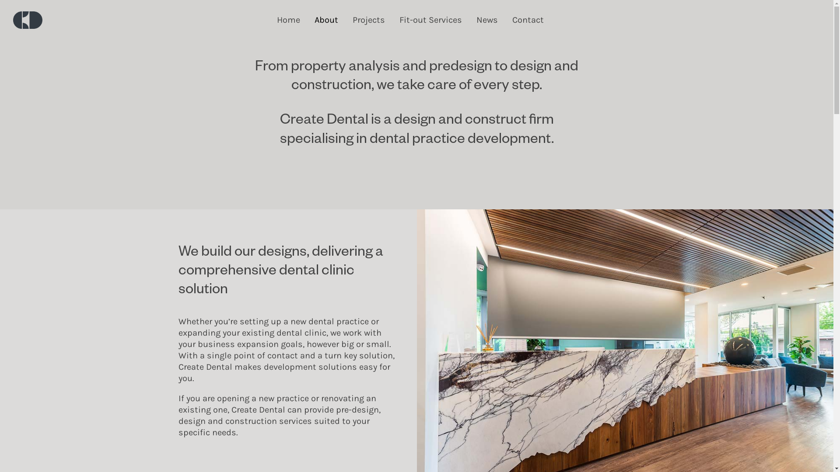 This screenshot has width=840, height=472. I want to click on 'Projects', so click(369, 20).